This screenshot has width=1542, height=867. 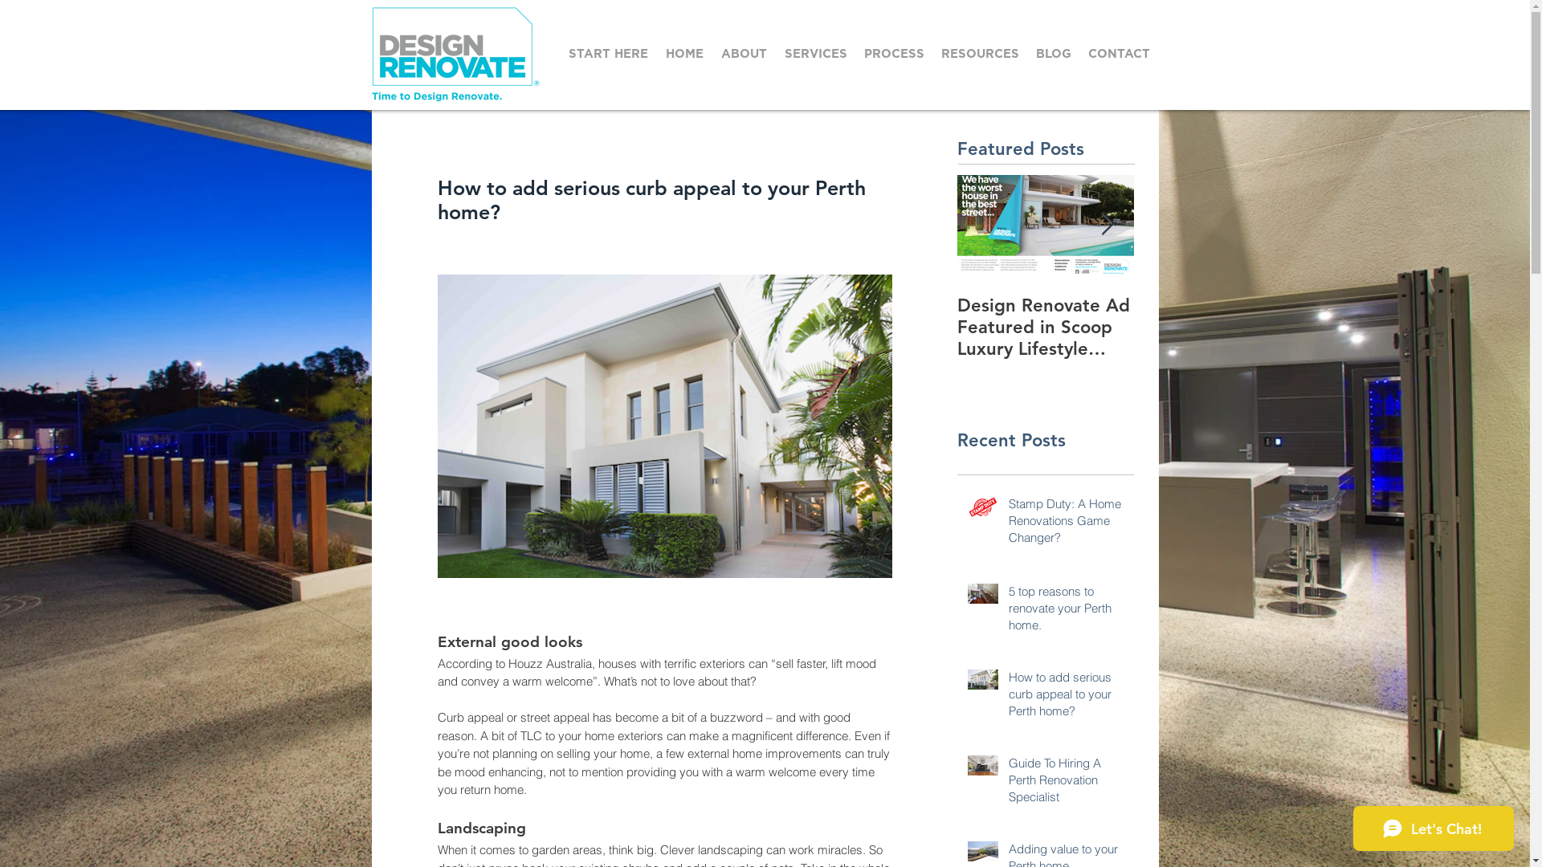 I want to click on 'CONTACT', so click(x=1117, y=53).